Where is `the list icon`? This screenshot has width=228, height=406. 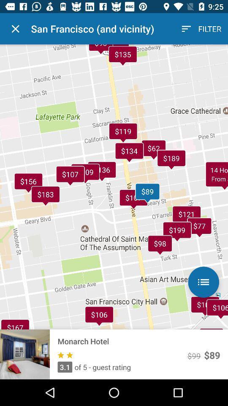
the list icon is located at coordinates (203, 282).